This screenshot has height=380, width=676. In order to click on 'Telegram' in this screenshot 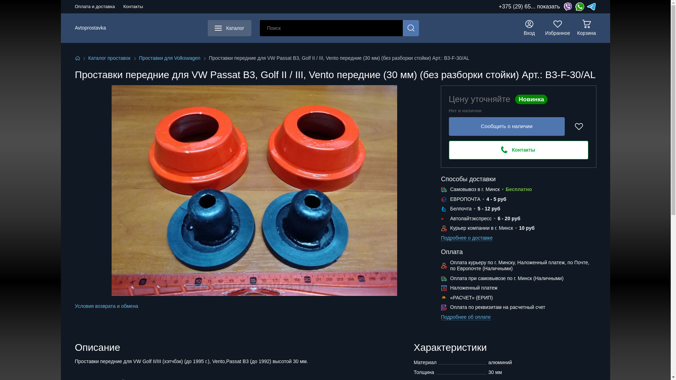, I will do `click(591, 7)`.